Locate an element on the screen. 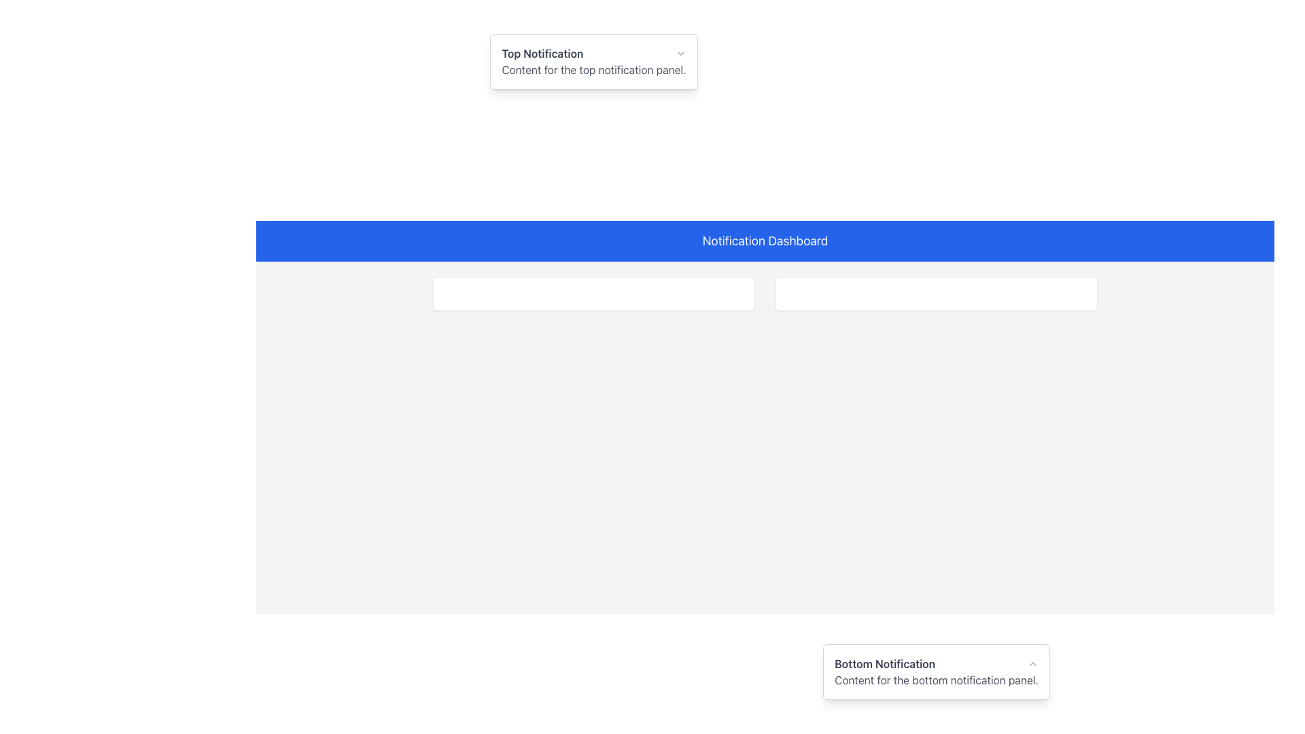  text of the title header label located at the upper portion of the notification panel, which provides users with an overview of the card's subject is located at coordinates (542, 52).